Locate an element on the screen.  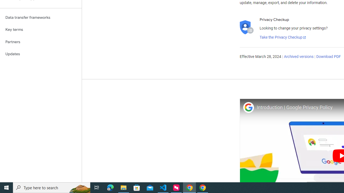
'Key terms' is located at coordinates (41, 29).